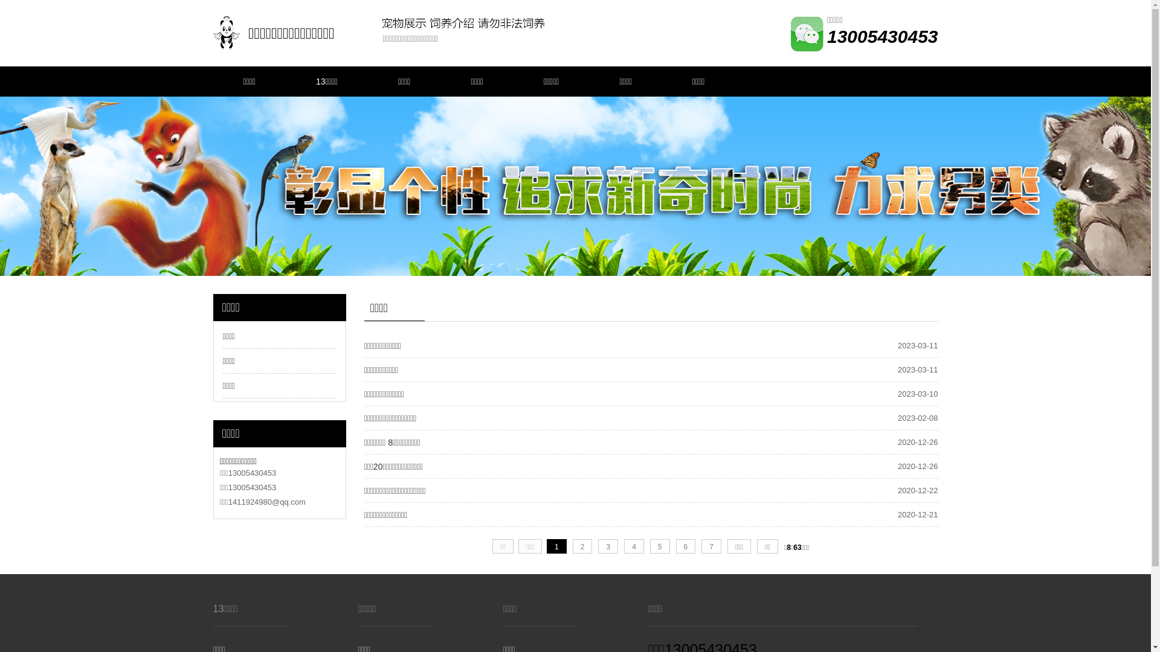  I want to click on '4', so click(623, 546).